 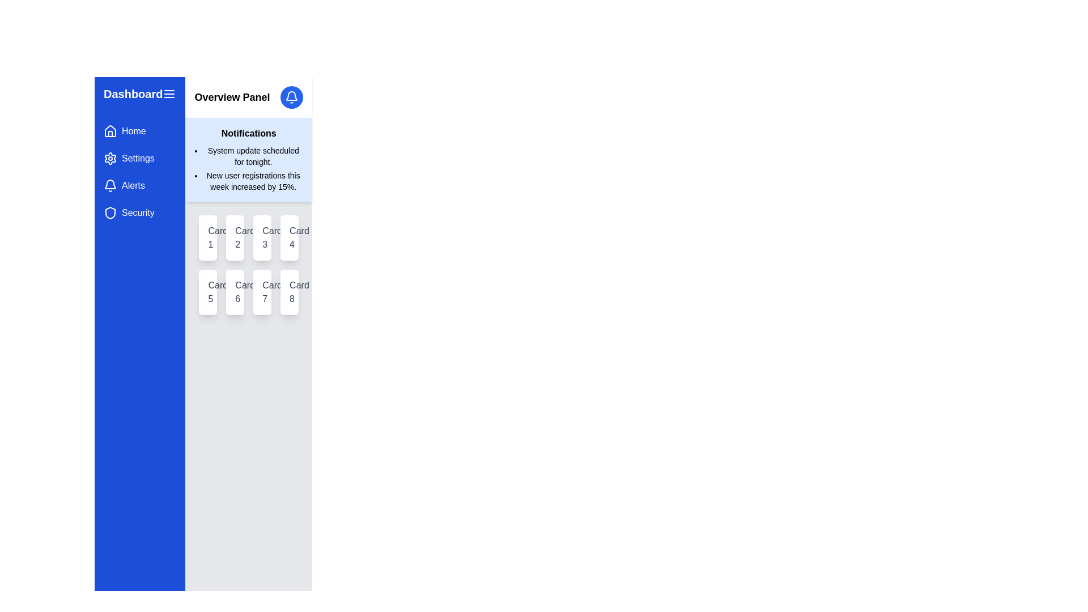 What do you see at coordinates (253, 168) in the screenshot?
I see `each line of the notification list, which contains the messages 'System update scheduled for tonight.' and 'New user registrations this week increased by 15%.'` at bounding box center [253, 168].